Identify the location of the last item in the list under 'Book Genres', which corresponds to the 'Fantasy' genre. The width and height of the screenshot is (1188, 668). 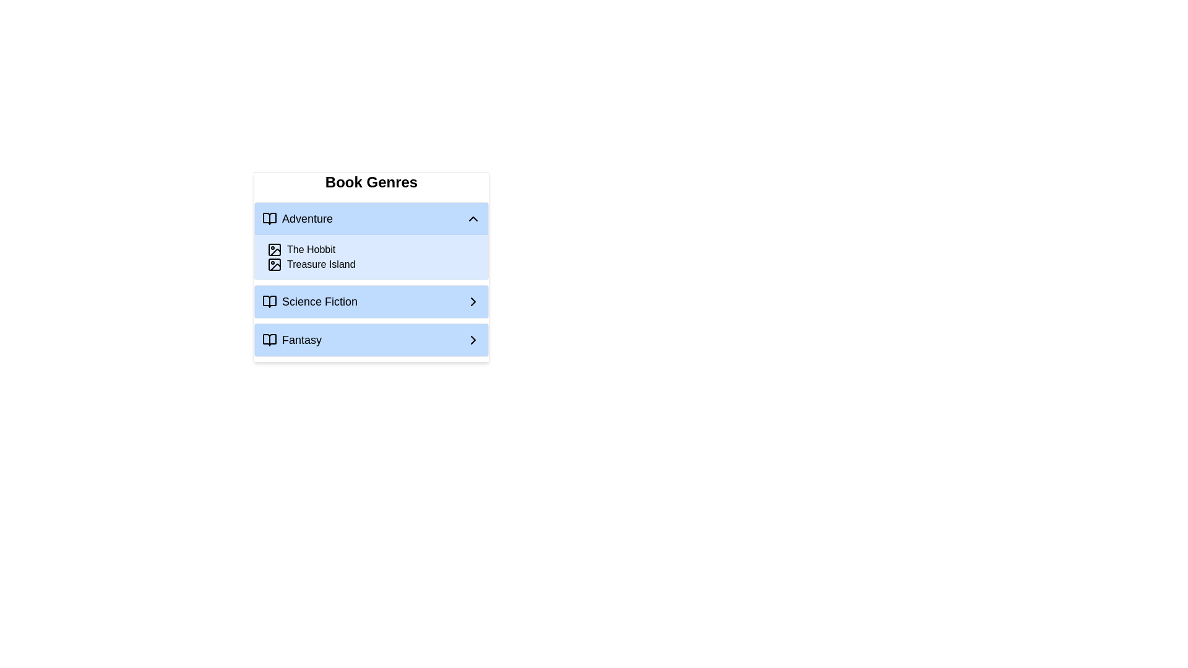
(371, 340).